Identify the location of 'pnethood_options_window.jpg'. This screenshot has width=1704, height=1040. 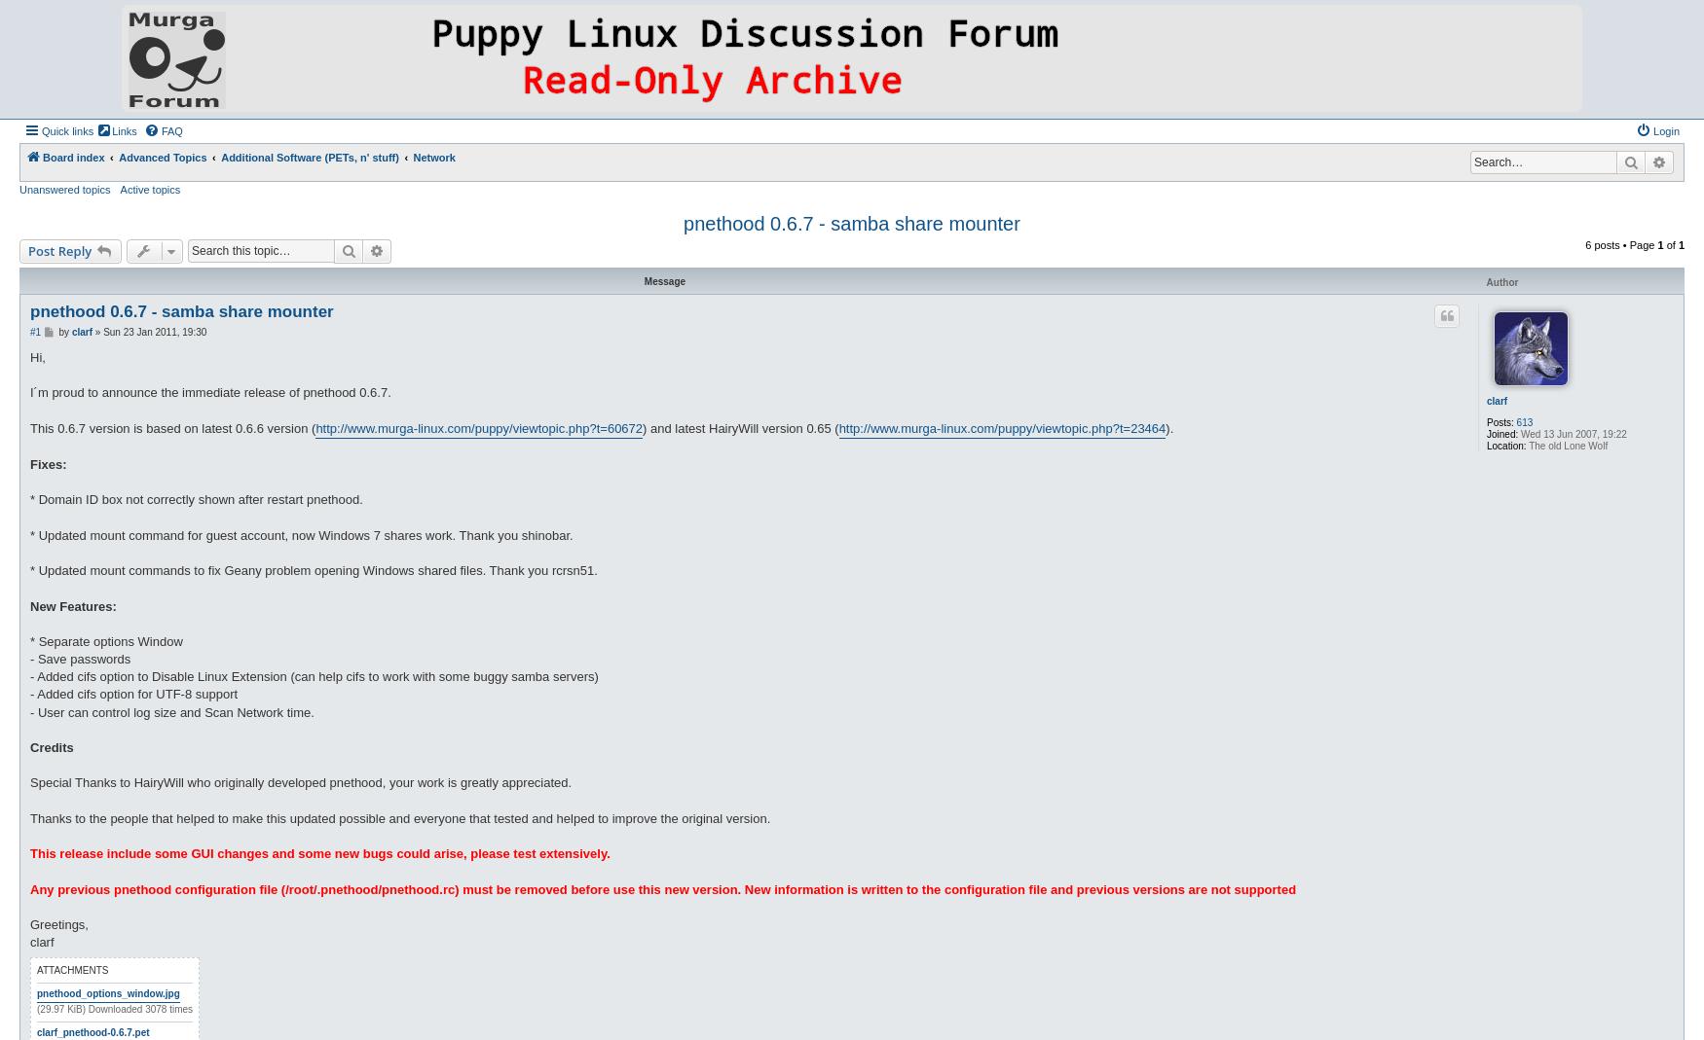
(107, 993).